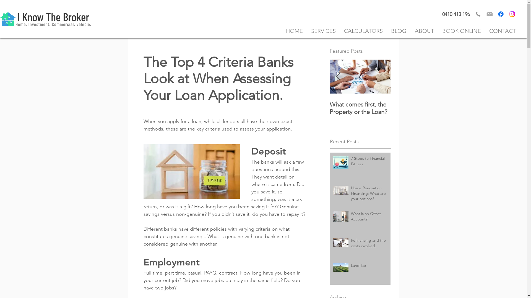 This screenshot has height=298, width=531. Describe the element at coordinates (485, 31) in the screenshot. I see `'CONTACT'` at that location.